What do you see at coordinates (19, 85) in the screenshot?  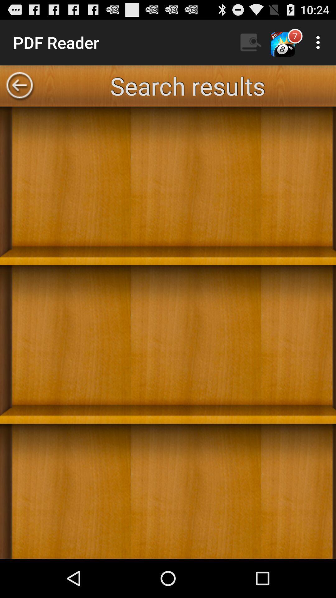 I see `previous` at bounding box center [19, 85].